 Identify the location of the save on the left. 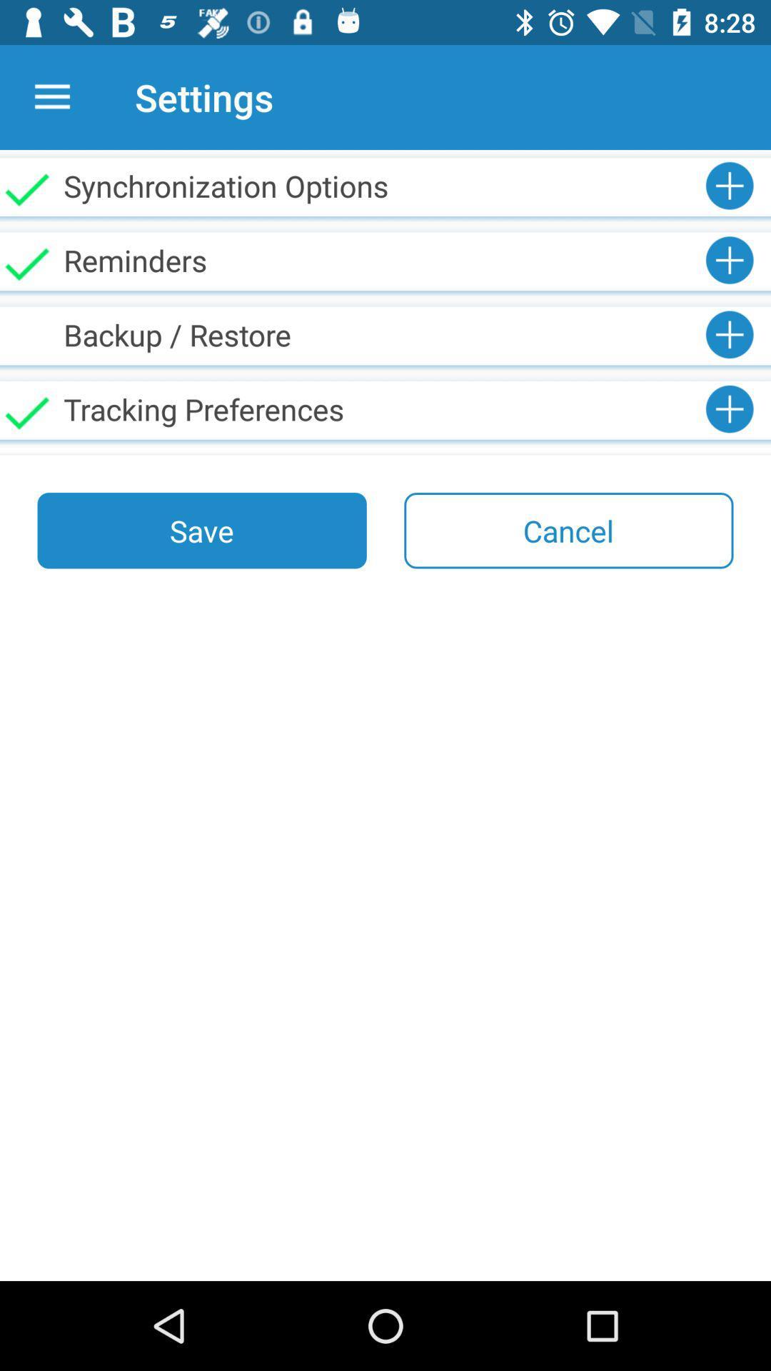
(202, 530).